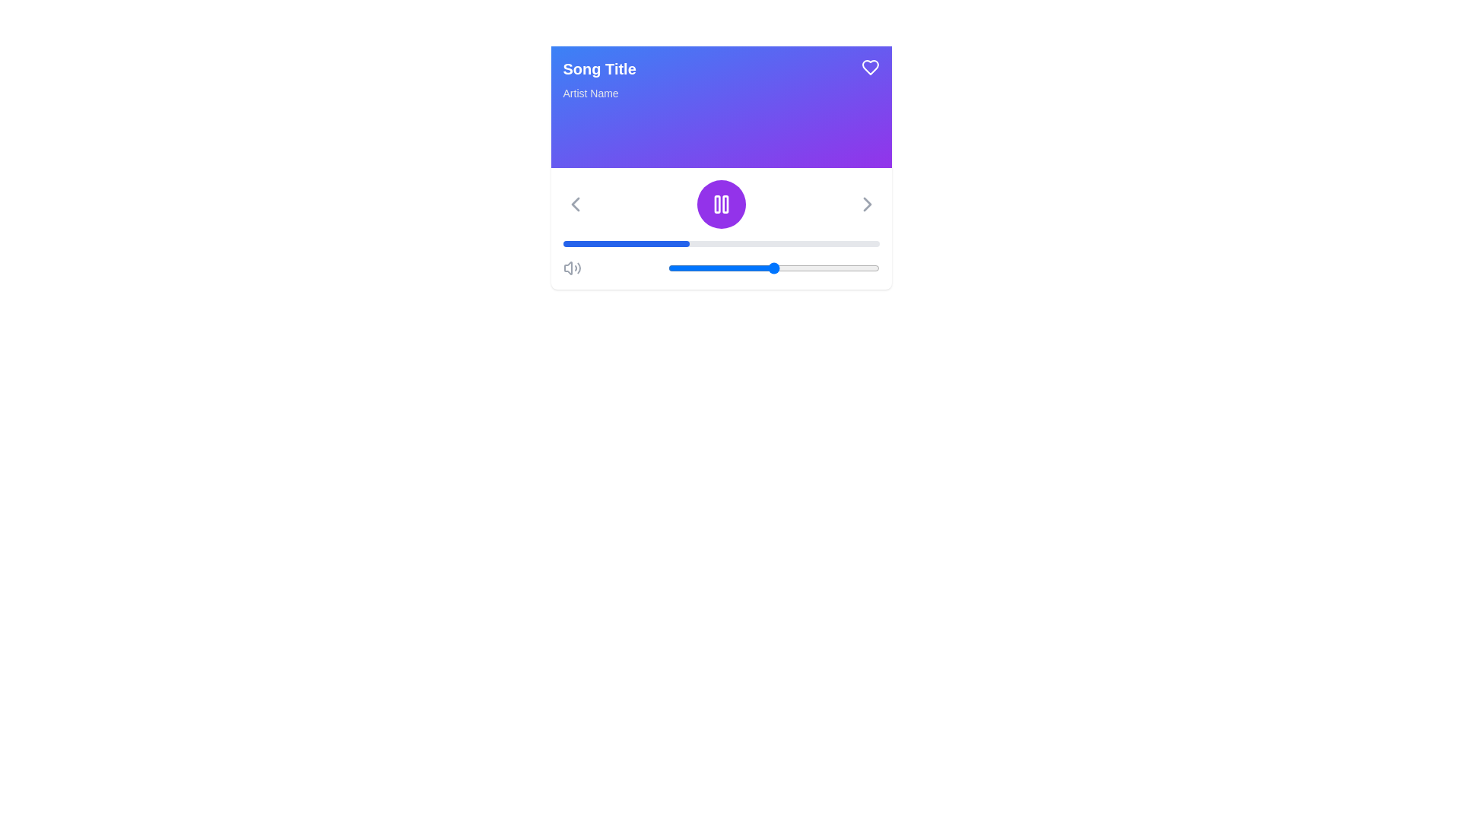 The image size is (1460, 821). I want to click on the horizontal progress bar located within the music control panel, directly below the central circular control button, which has a gray background and a filled blue section representing the progress, so click(720, 242).